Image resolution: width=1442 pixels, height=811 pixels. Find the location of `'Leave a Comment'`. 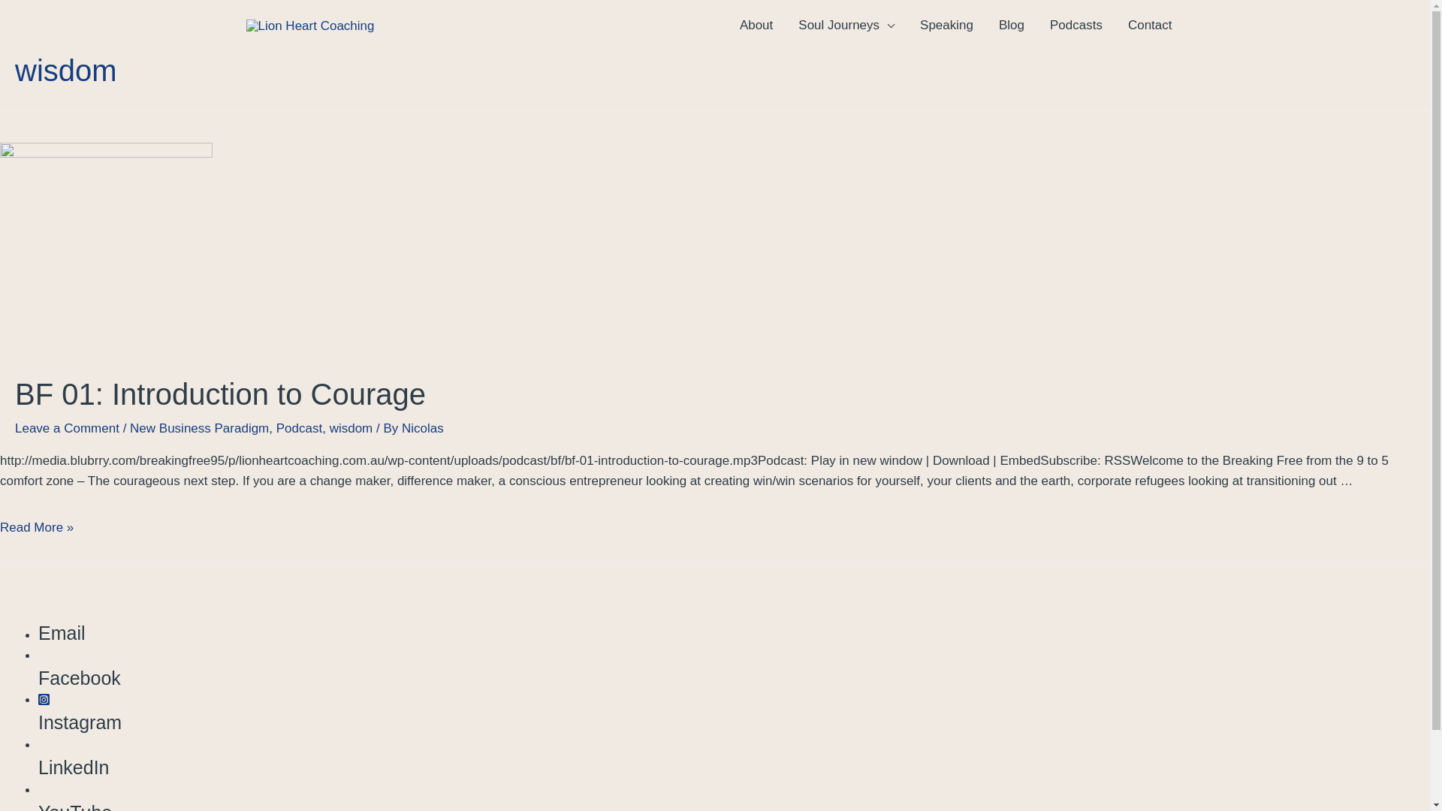

'Leave a Comment' is located at coordinates (66, 428).